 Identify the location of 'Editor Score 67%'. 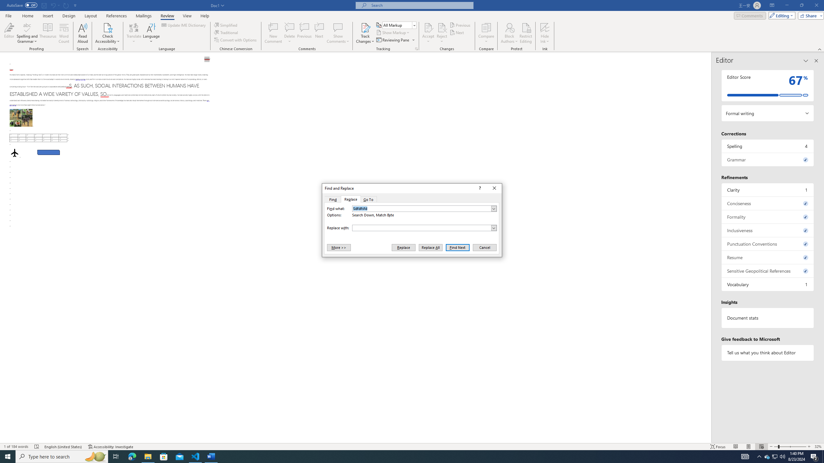
(767, 85).